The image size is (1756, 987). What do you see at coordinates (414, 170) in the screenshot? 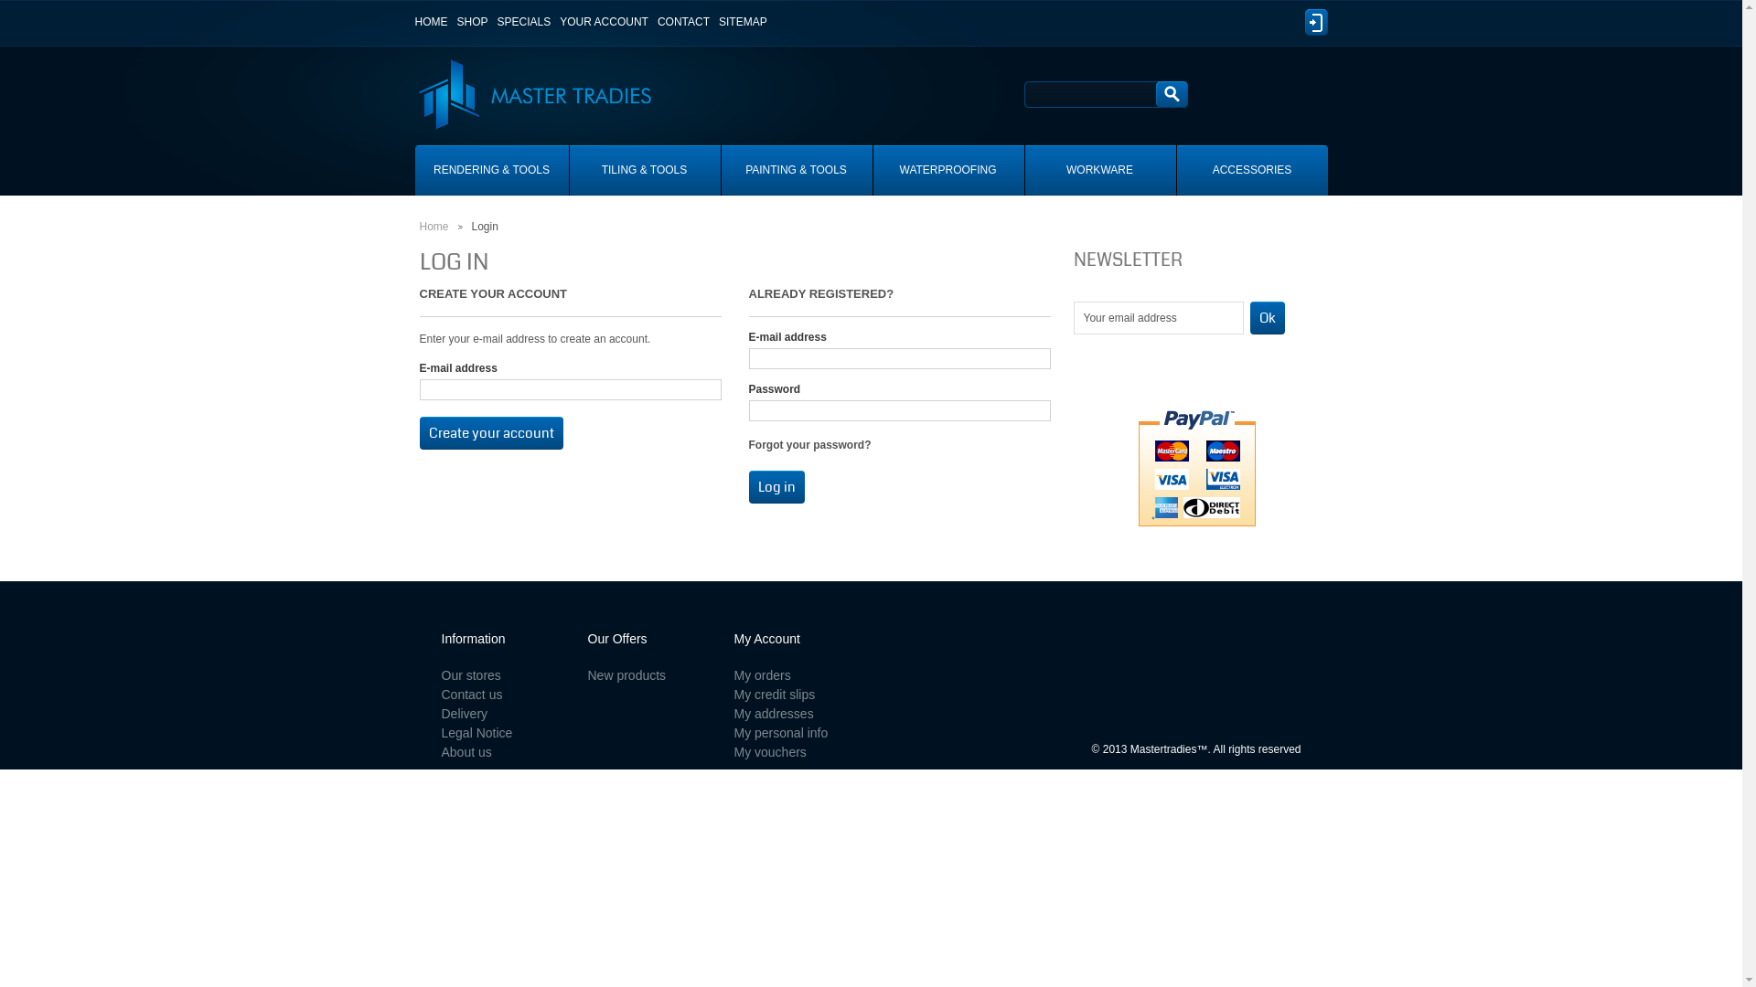
I see `'RENDERING & TOOLS'` at bounding box center [414, 170].